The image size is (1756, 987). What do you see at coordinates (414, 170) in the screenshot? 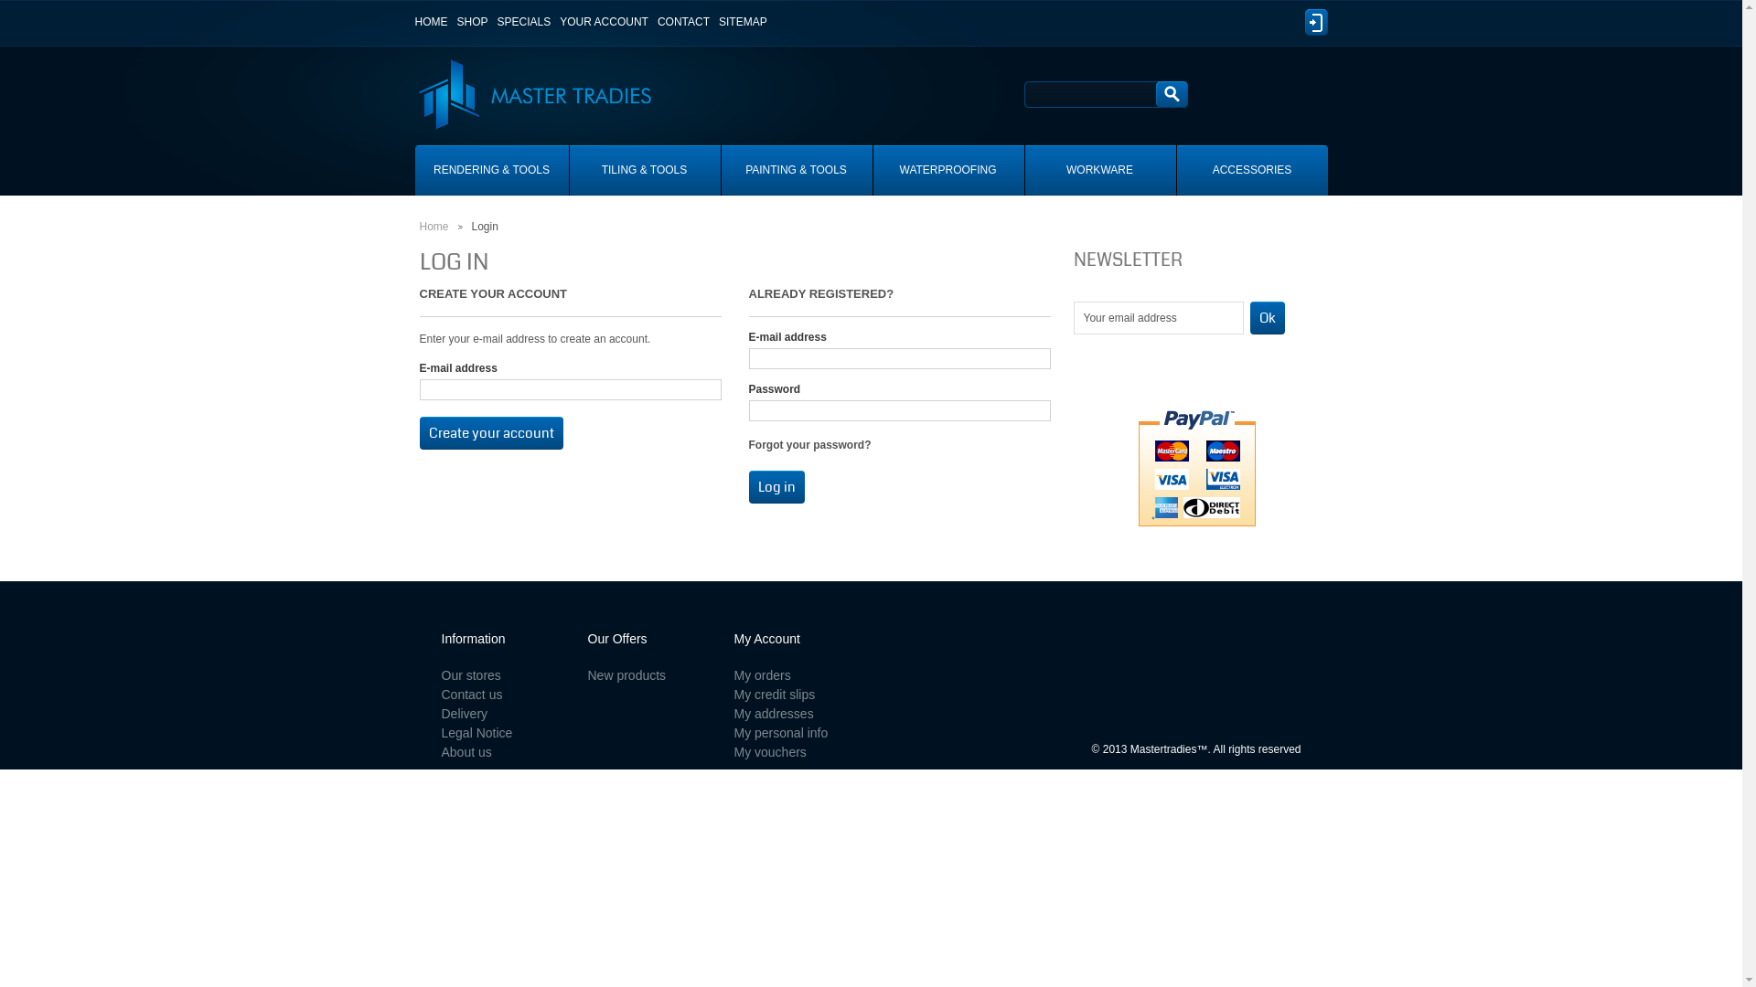
I see `'RENDERING & TOOLS'` at bounding box center [414, 170].